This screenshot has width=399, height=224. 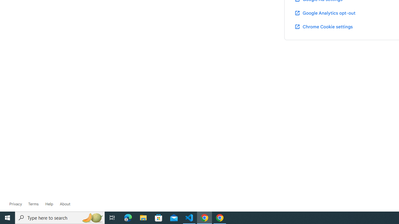 I want to click on 'Chrome Cookie settings', so click(x=324, y=26).